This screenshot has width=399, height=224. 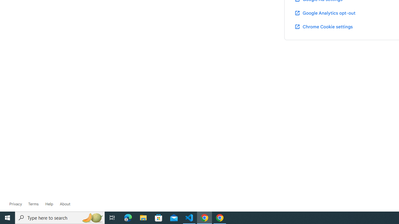 I want to click on 'Chrome Cookie settings', so click(x=324, y=26).